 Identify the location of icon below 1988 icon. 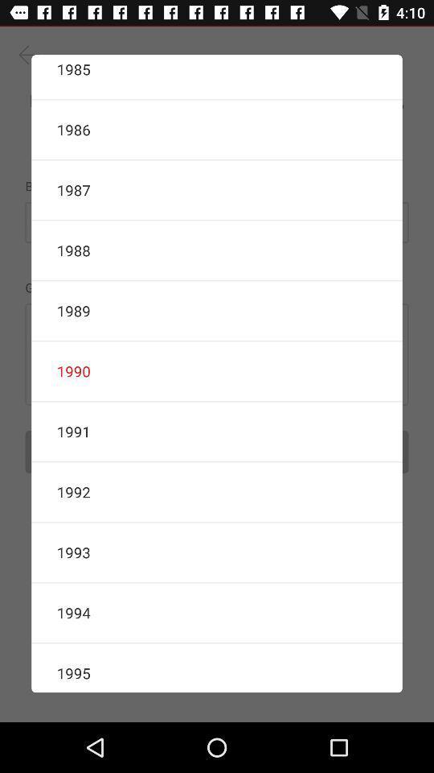
(217, 310).